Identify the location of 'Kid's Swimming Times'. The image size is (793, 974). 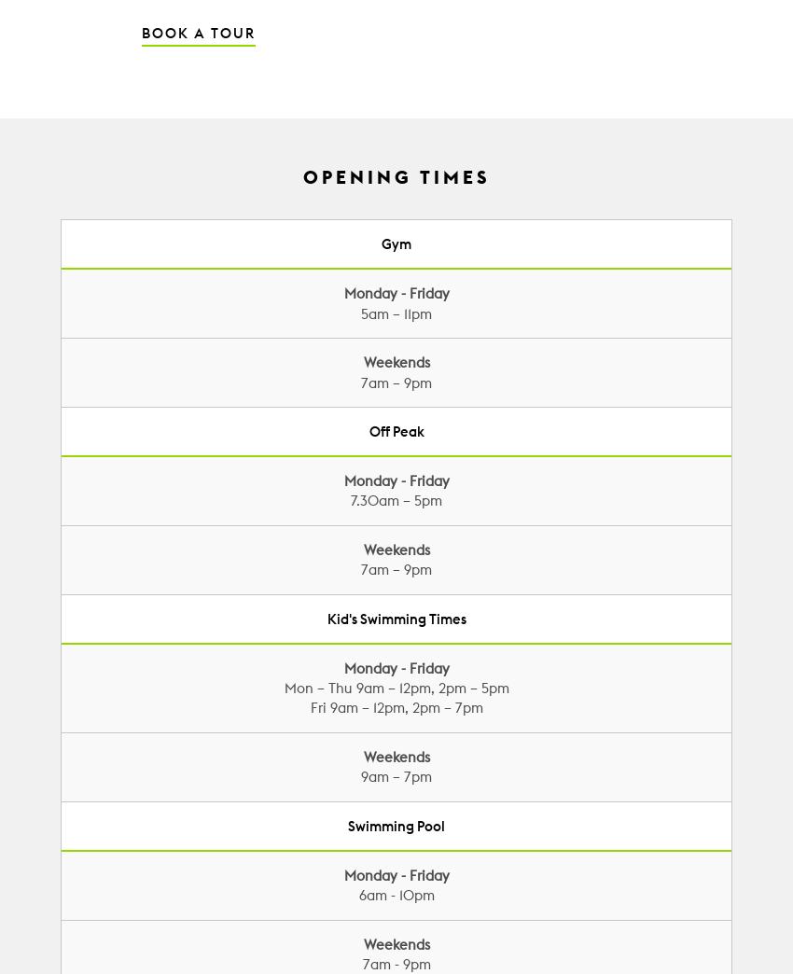
(396, 617).